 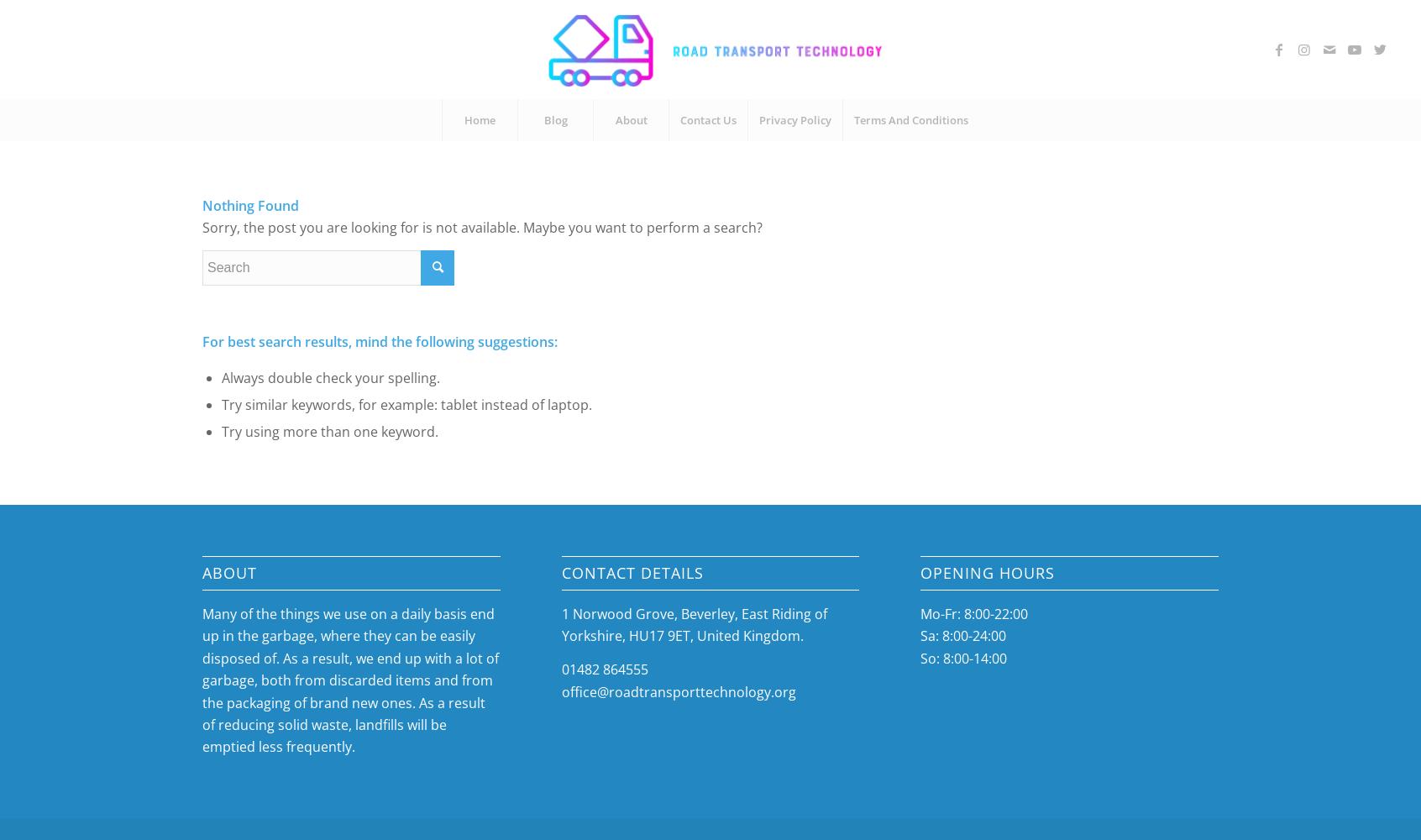 I want to click on 'Mo-Fr: 8:00-22:00', so click(x=973, y=613).